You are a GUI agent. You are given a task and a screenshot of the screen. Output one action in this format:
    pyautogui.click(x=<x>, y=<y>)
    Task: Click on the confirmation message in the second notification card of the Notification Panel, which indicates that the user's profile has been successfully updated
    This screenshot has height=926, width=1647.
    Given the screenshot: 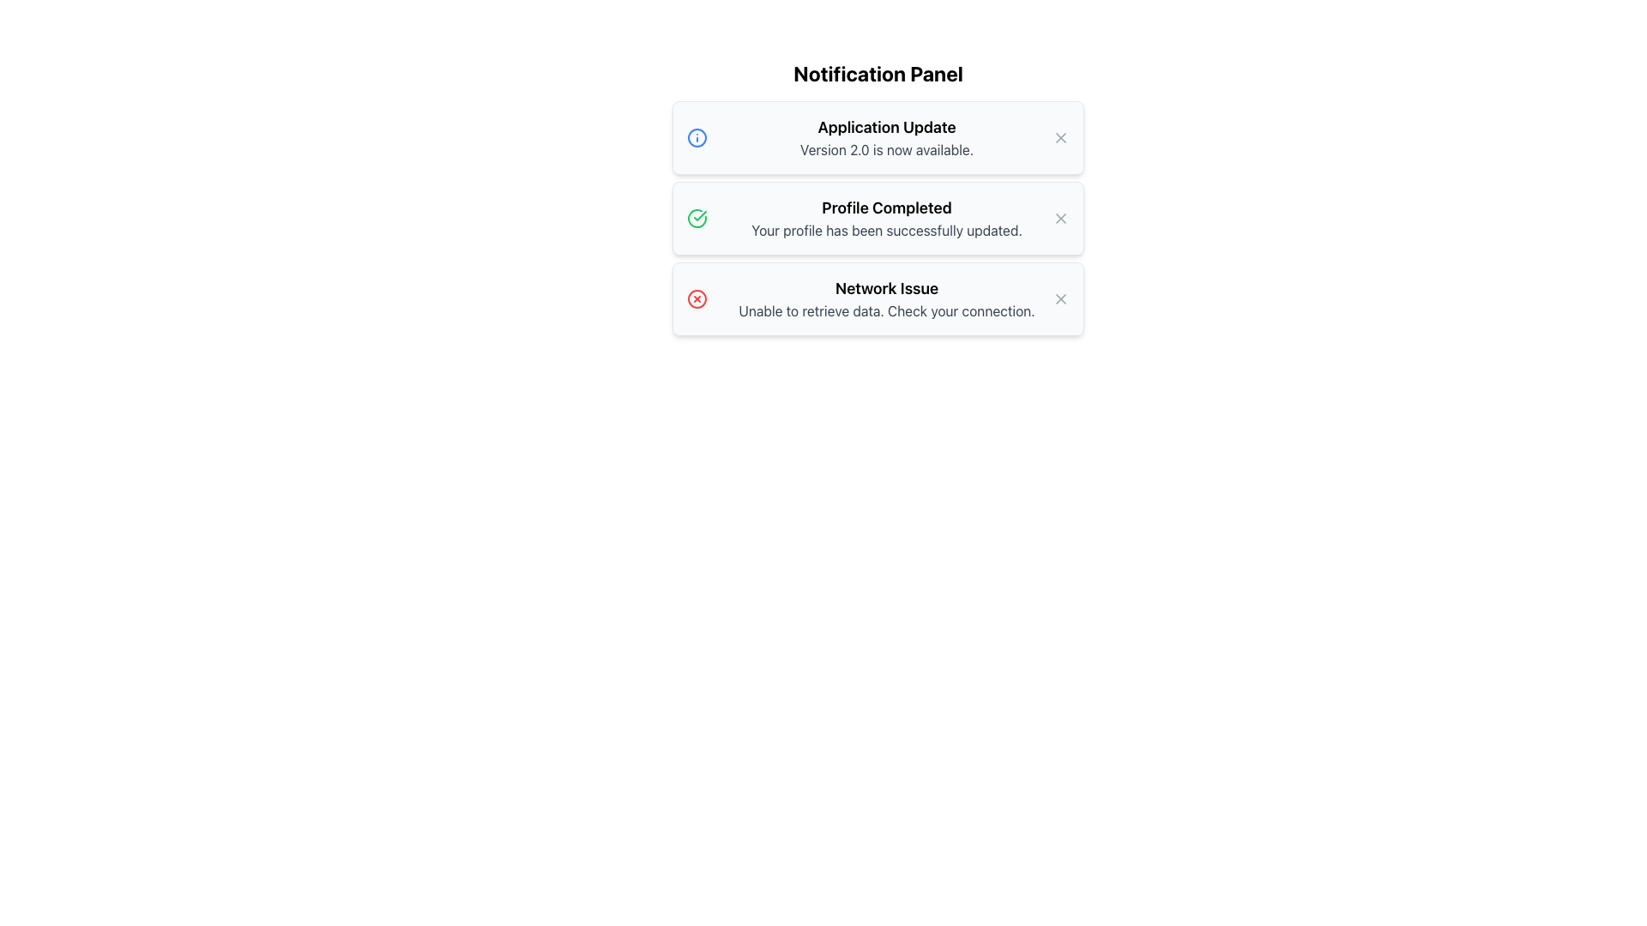 What is the action you would take?
    pyautogui.click(x=886, y=217)
    